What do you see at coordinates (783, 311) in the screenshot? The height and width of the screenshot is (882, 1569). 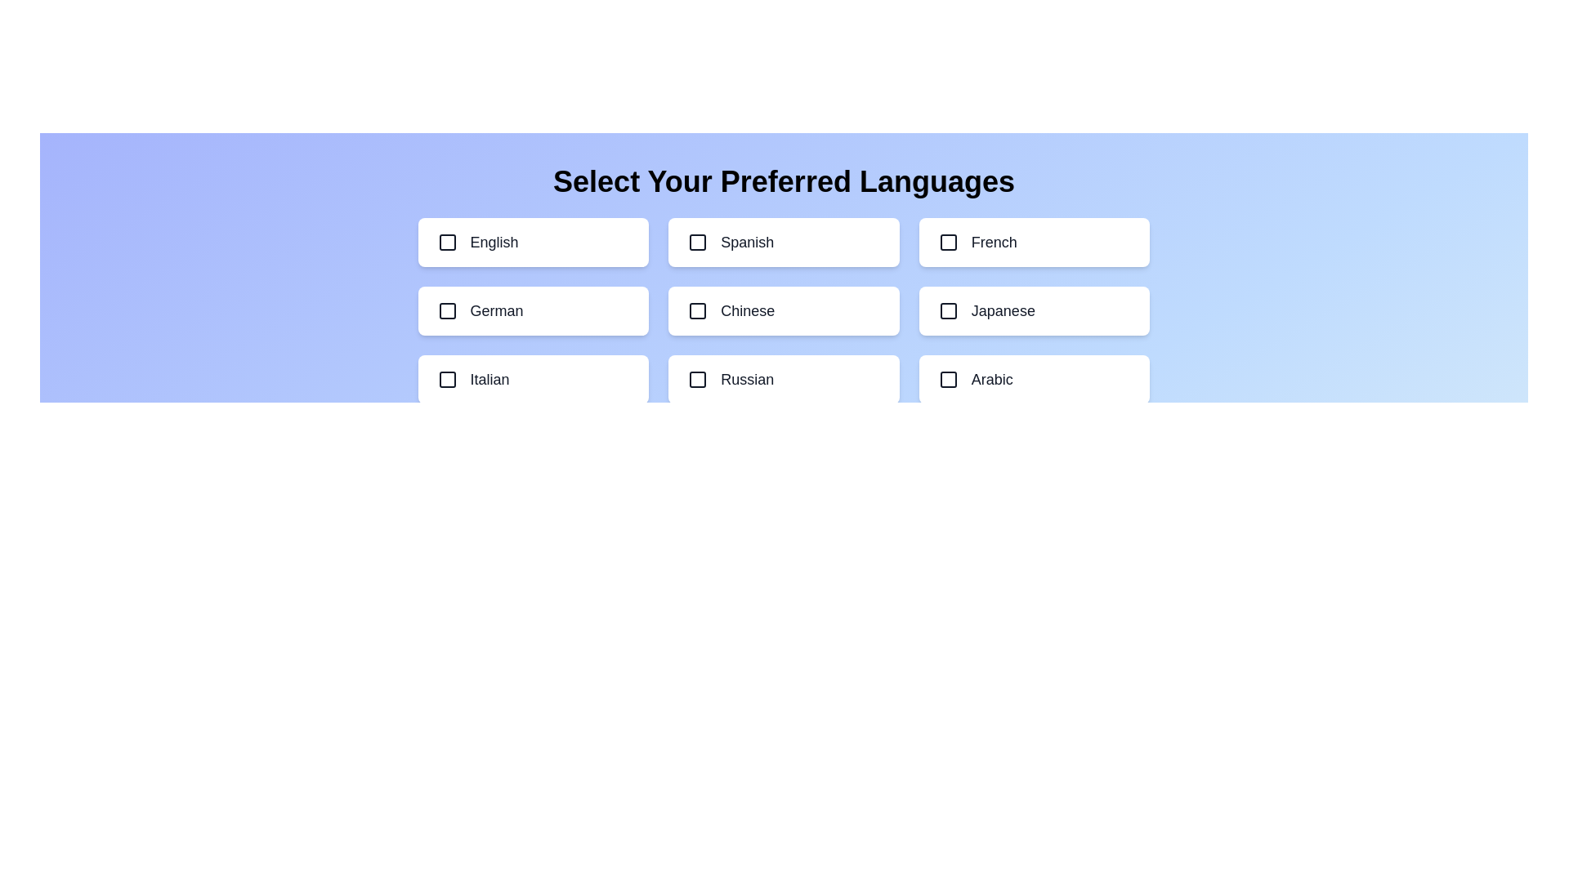 I see `the language option Chinese` at bounding box center [783, 311].